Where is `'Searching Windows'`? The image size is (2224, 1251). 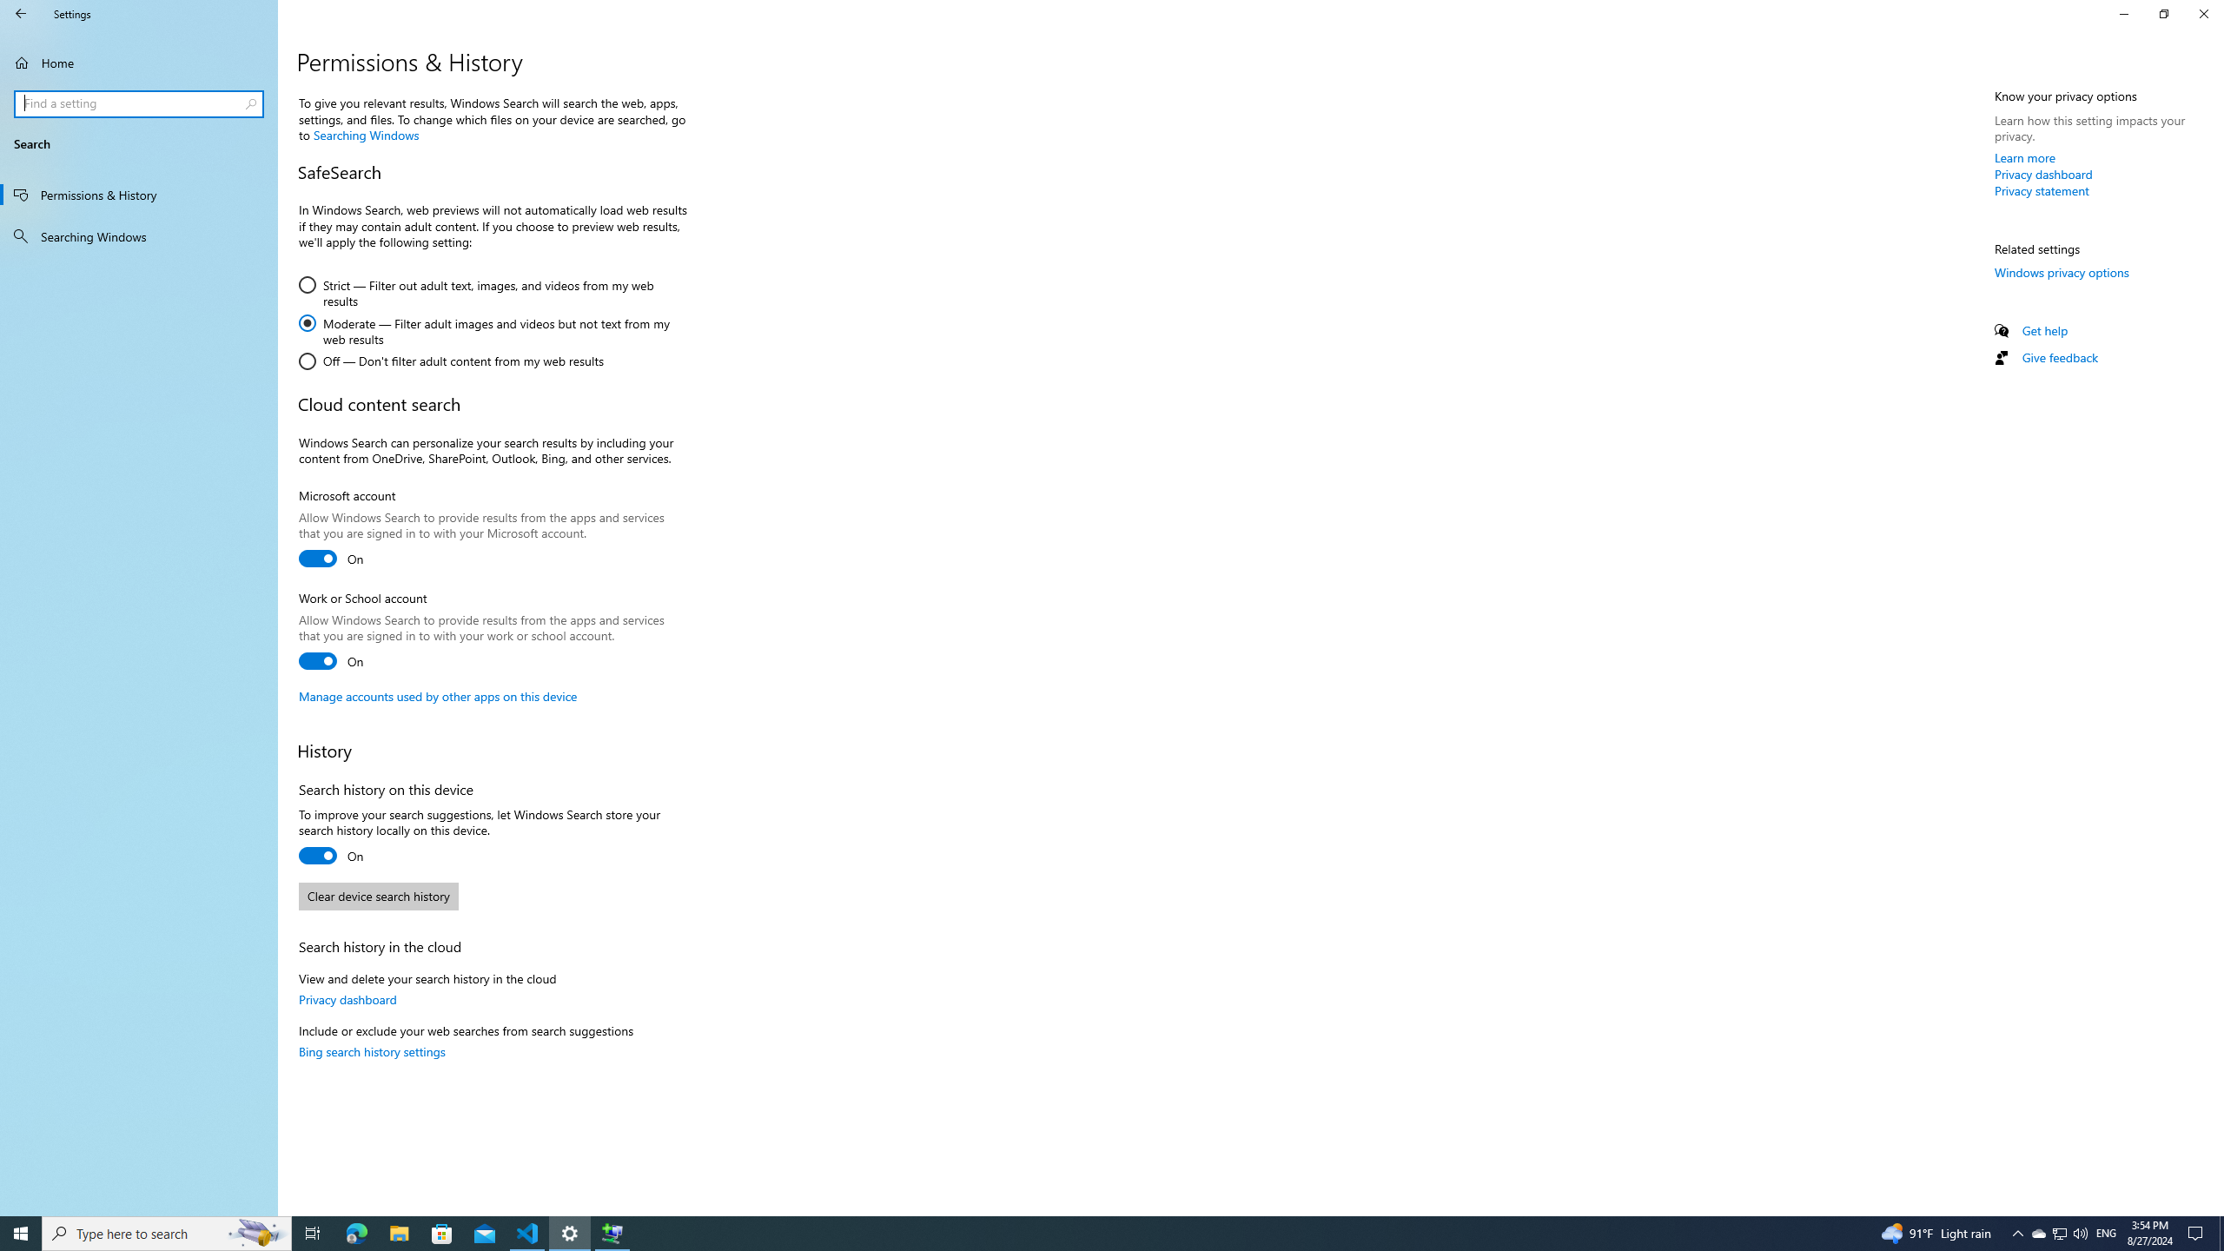 'Searching Windows' is located at coordinates (366, 134).